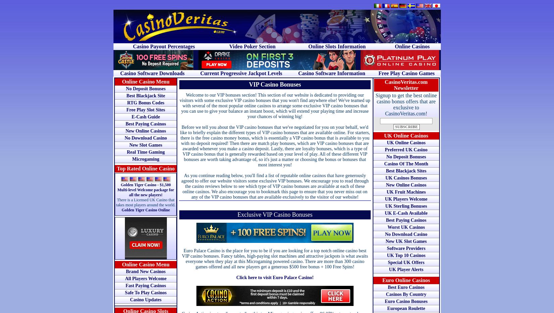 This screenshot has width=554, height=313. What do you see at coordinates (252, 46) in the screenshot?
I see `'Video Poker Section'` at bounding box center [252, 46].